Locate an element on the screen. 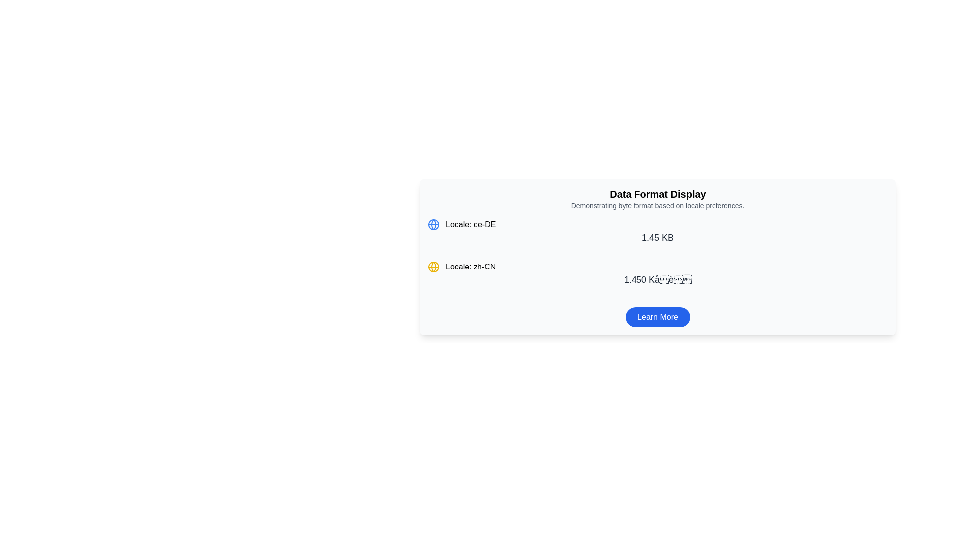  the static text label displaying 'Locale: de-DE', which is positioned next to a globe icon in the top right portion of the interface is located at coordinates (470, 224).